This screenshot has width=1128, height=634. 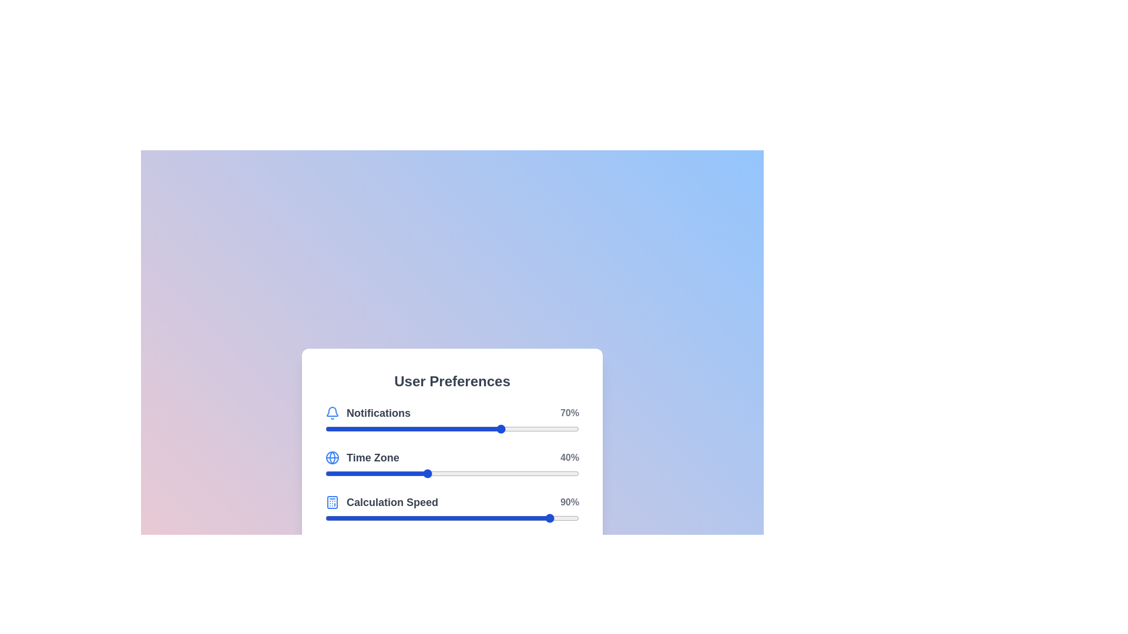 What do you see at coordinates (332, 413) in the screenshot?
I see `the icon corresponding to Notifications` at bounding box center [332, 413].